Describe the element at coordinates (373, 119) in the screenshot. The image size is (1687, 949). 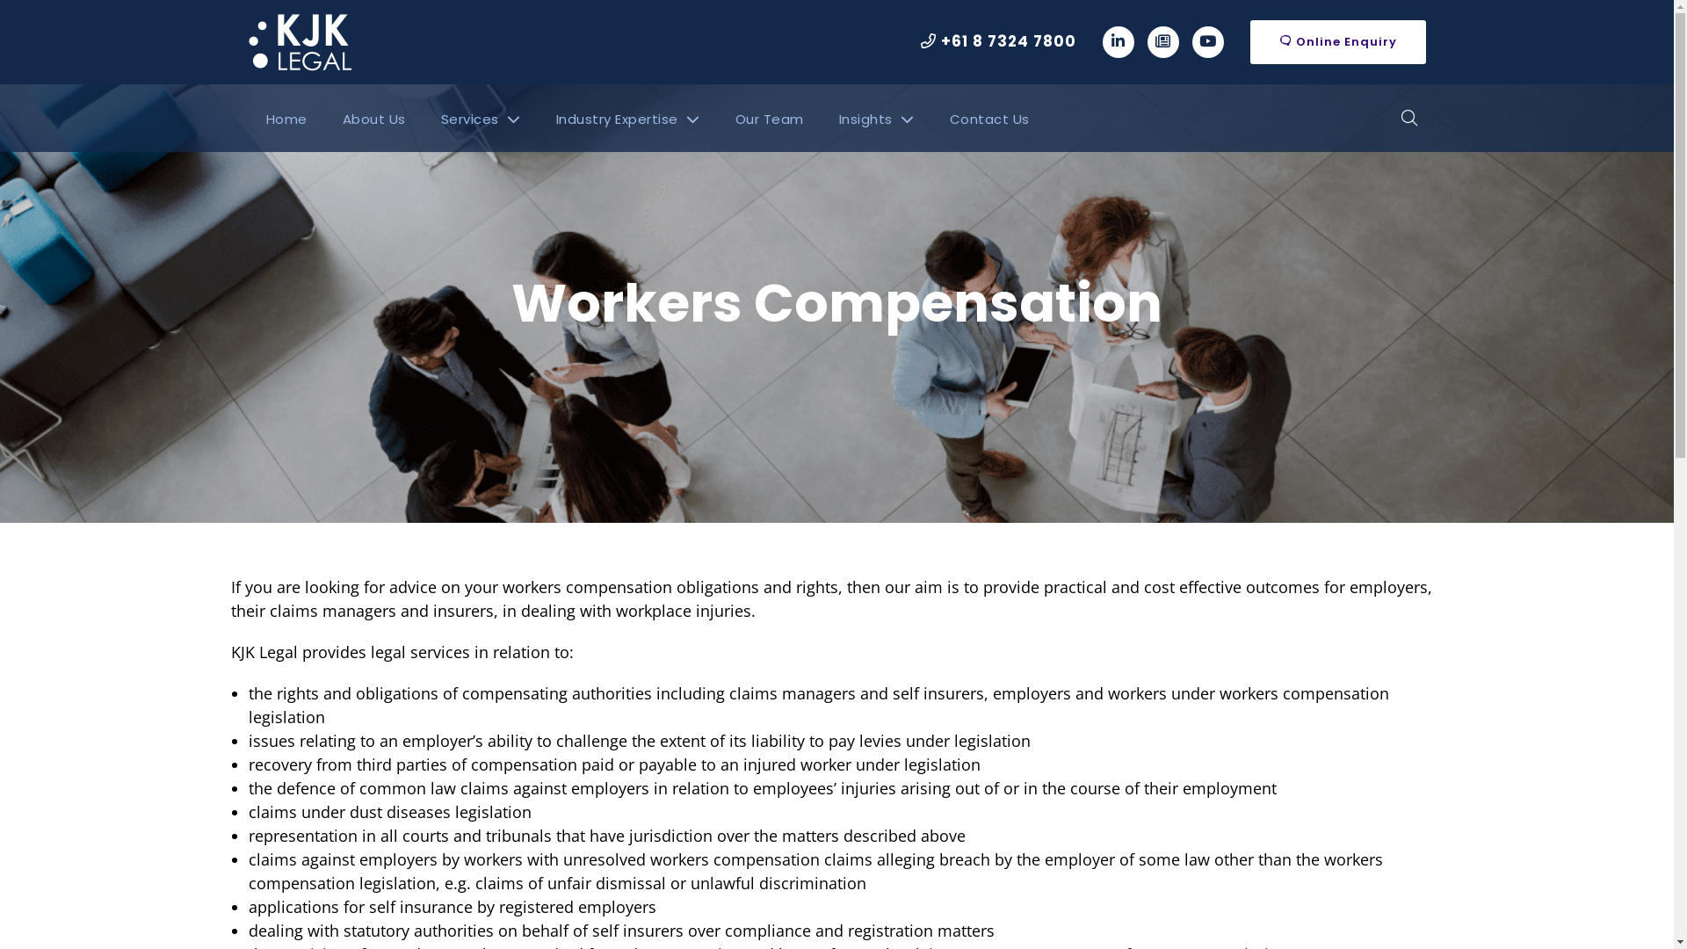
I see `'About Us'` at that location.